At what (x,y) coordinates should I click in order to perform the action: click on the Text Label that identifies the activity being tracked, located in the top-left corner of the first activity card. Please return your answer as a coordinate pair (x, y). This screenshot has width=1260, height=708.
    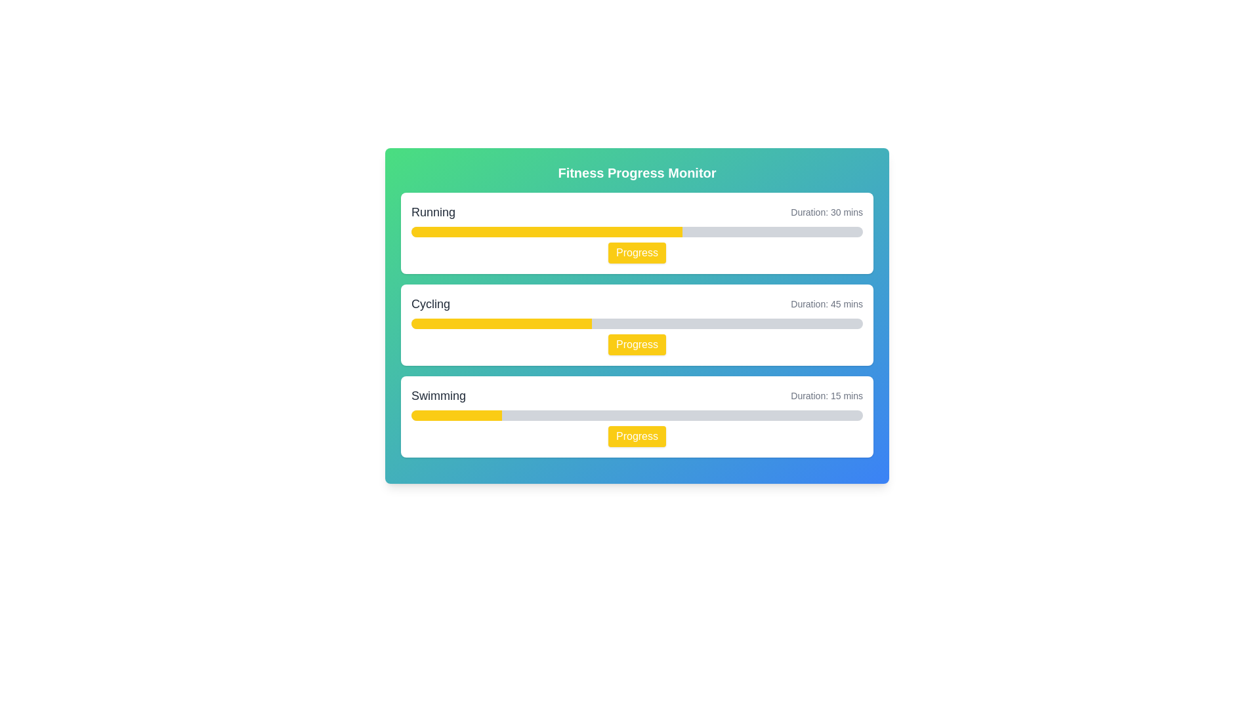
    Looking at the image, I should click on (433, 212).